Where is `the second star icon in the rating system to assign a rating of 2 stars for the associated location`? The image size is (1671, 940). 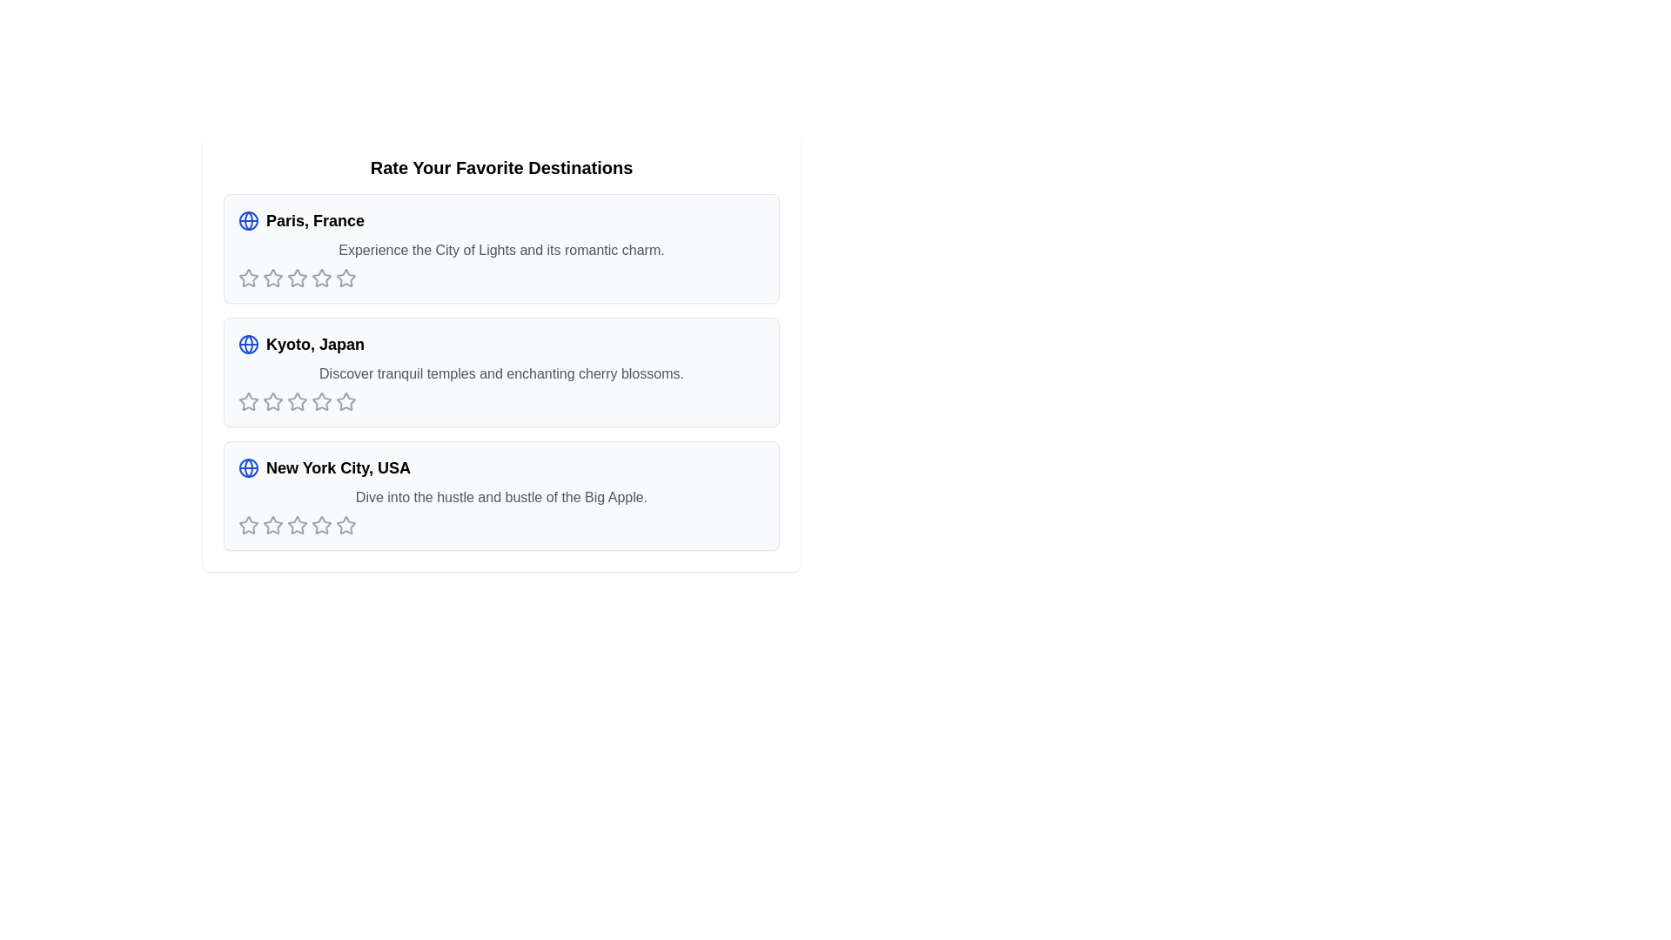 the second star icon in the rating system to assign a rating of 2 stars for the associated location is located at coordinates (297, 277).